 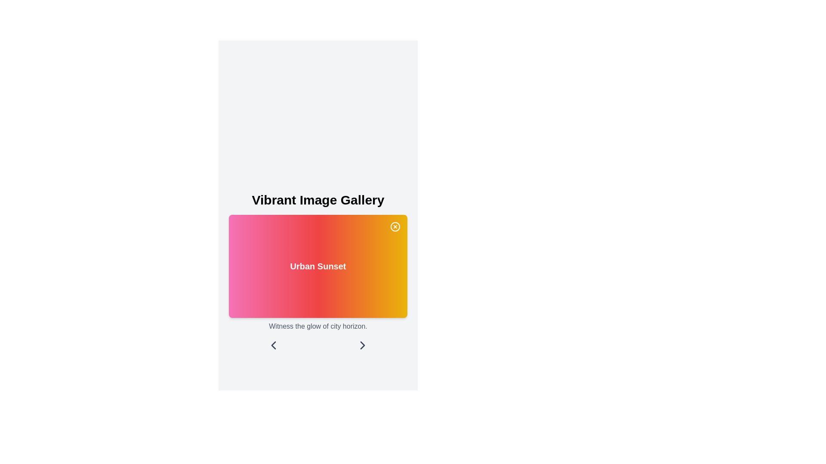 What do you see at coordinates (317, 272) in the screenshot?
I see `the static text element displaying 'Urban Sunset' with a white font, which is centrally positioned in the vibrant gradient background of the image gallery interface` at bounding box center [317, 272].